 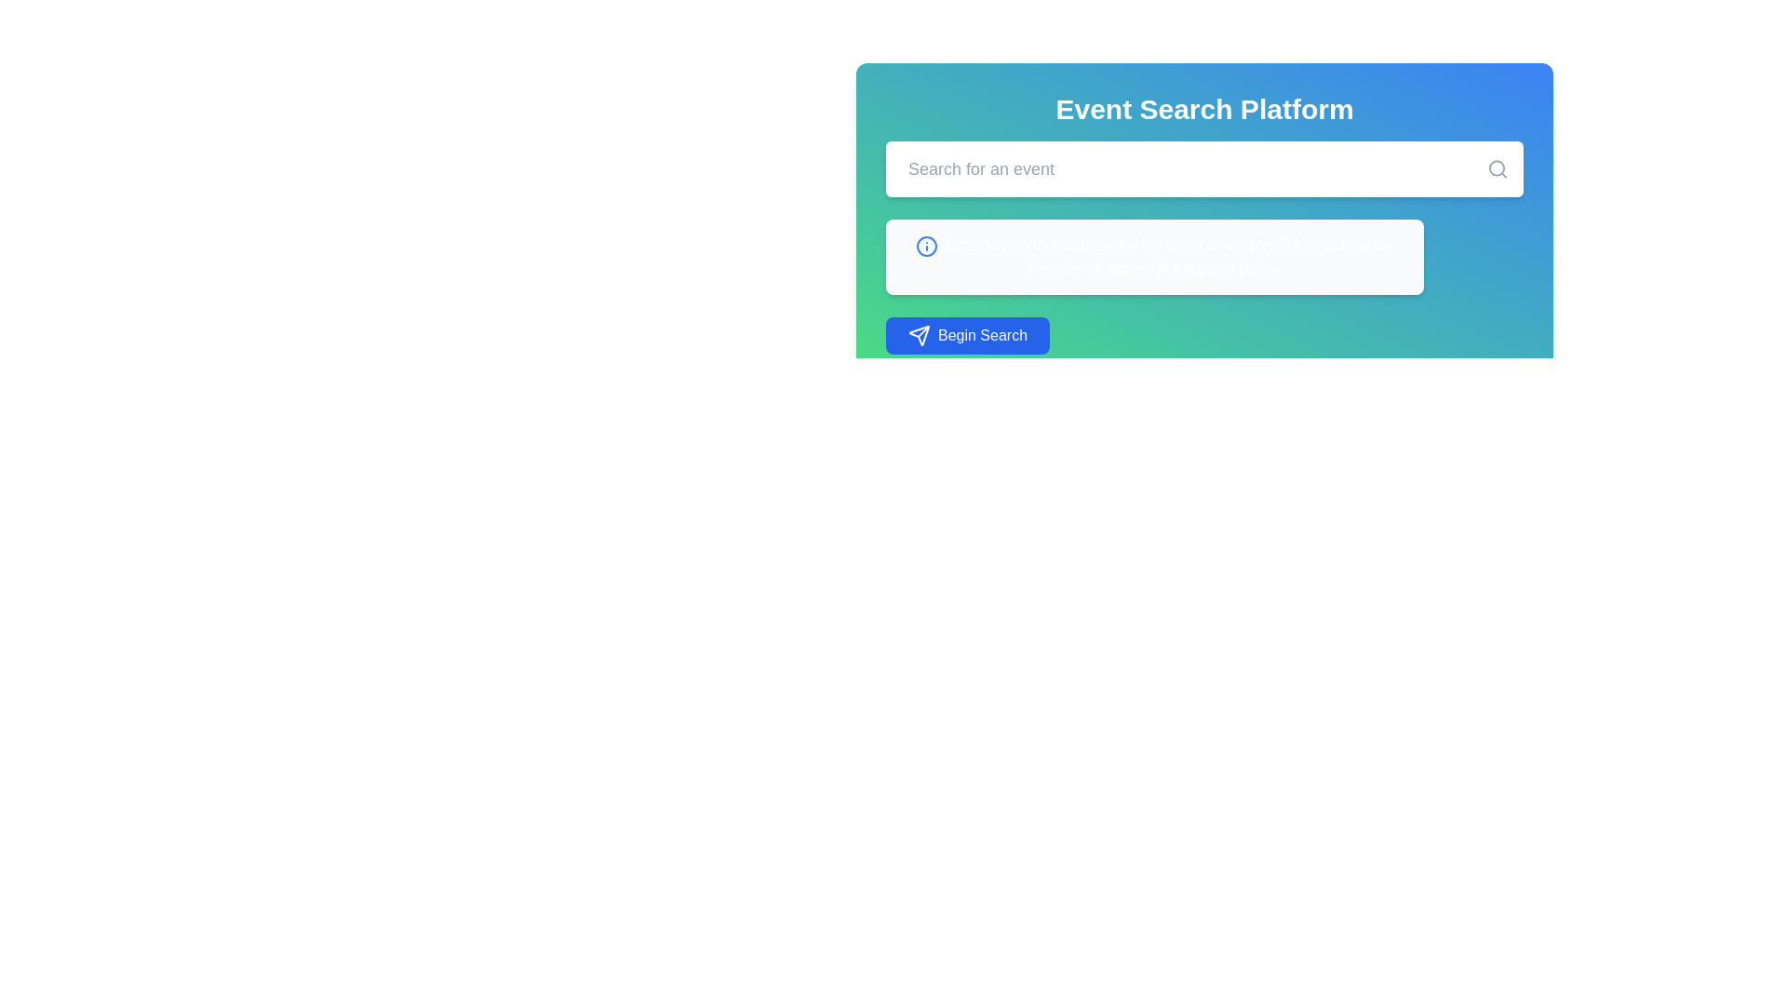 What do you see at coordinates (920, 333) in the screenshot?
I see `the paper-plane icon located to the left of the 'Begin Search' button` at bounding box center [920, 333].